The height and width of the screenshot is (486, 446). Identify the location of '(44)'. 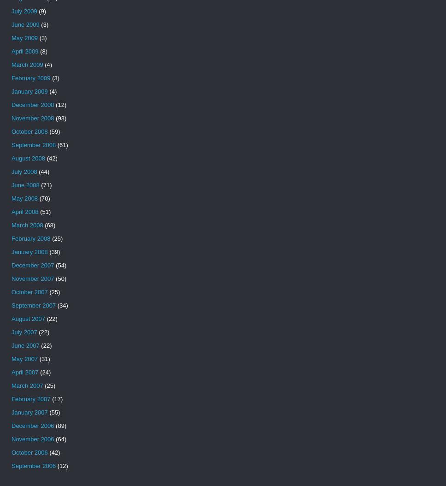
(43, 171).